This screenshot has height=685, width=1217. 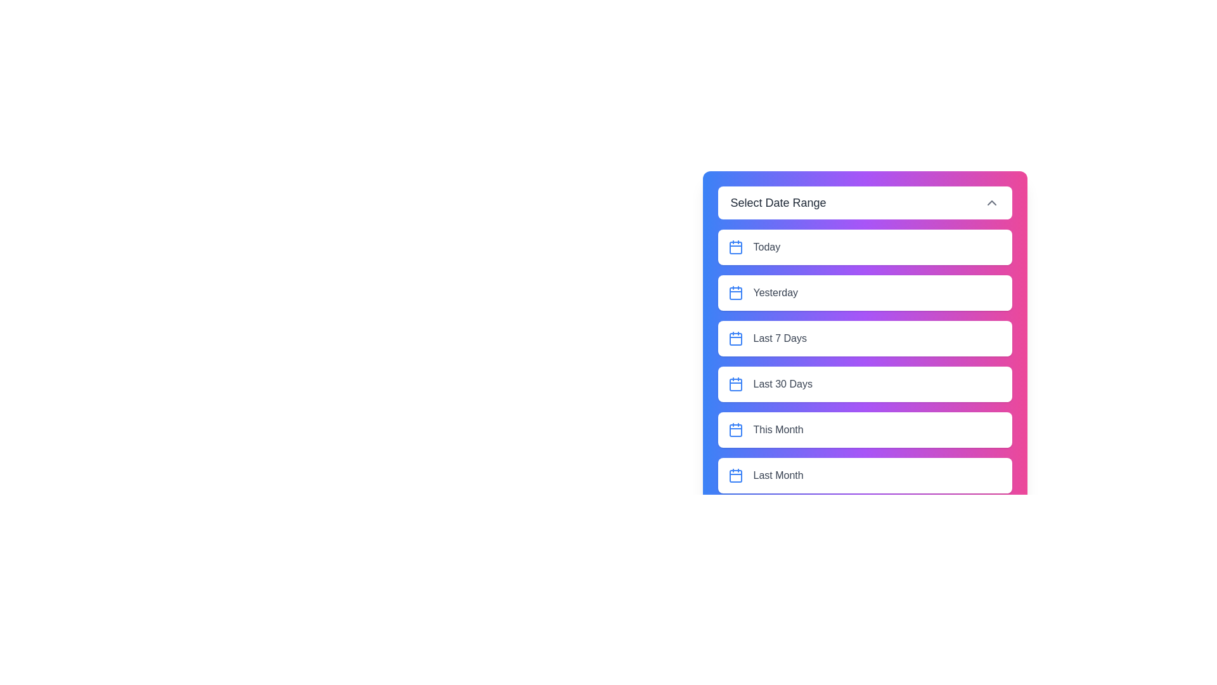 What do you see at coordinates (864, 475) in the screenshot?
I see `the element Last Month option to observe potential hover effects or tooltips` at bounding box center [864, 475].